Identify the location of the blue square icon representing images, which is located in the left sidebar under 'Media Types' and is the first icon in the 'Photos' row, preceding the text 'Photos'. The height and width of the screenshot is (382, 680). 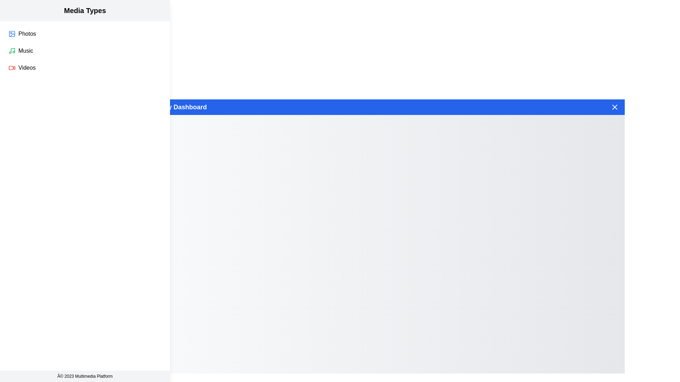
(12, 34).